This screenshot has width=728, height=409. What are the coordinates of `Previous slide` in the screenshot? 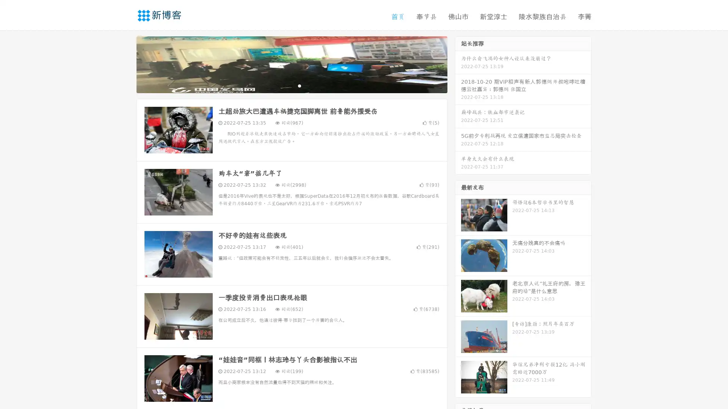 It's located at (125, 64).